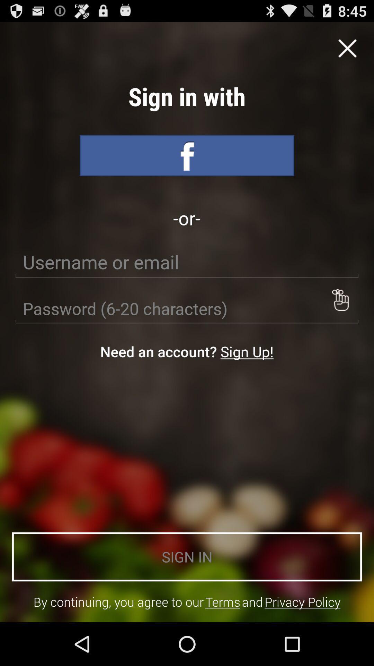 This screenshot has width=374, height=666. I want to click on sign in with facebook, so click(187, 155).